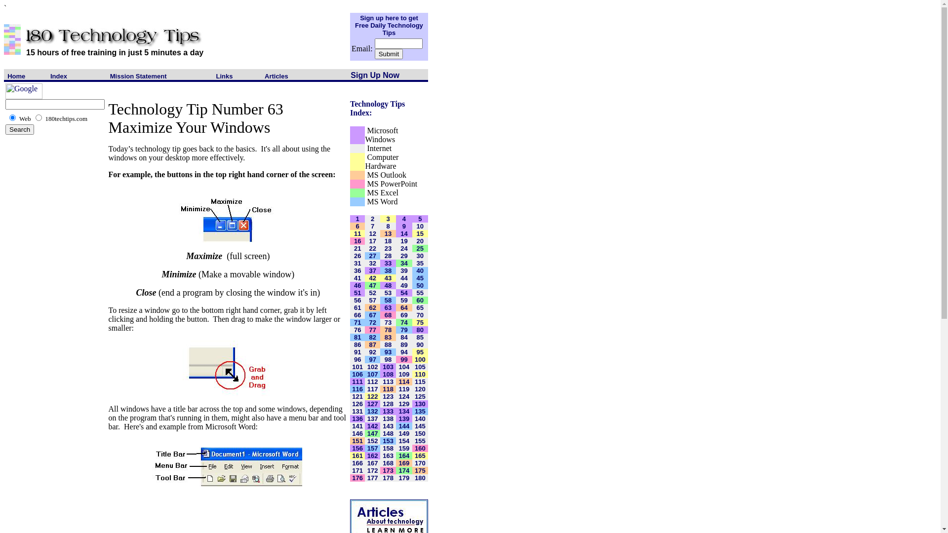  Describe the element at coordinates (420, 278) in the screenshot. I see `'45'` at that location.